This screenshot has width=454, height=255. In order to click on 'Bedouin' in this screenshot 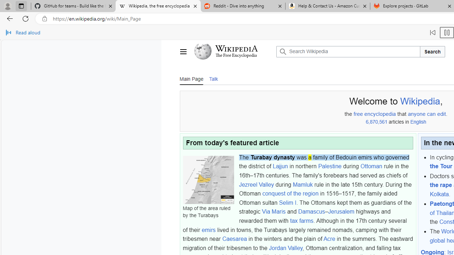, I will do `click(346, 157)`.